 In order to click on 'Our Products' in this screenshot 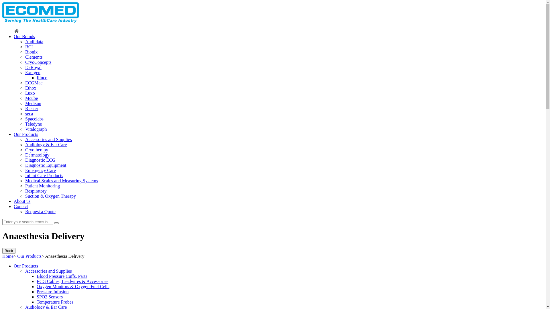, I will do `click(25, 266)`.